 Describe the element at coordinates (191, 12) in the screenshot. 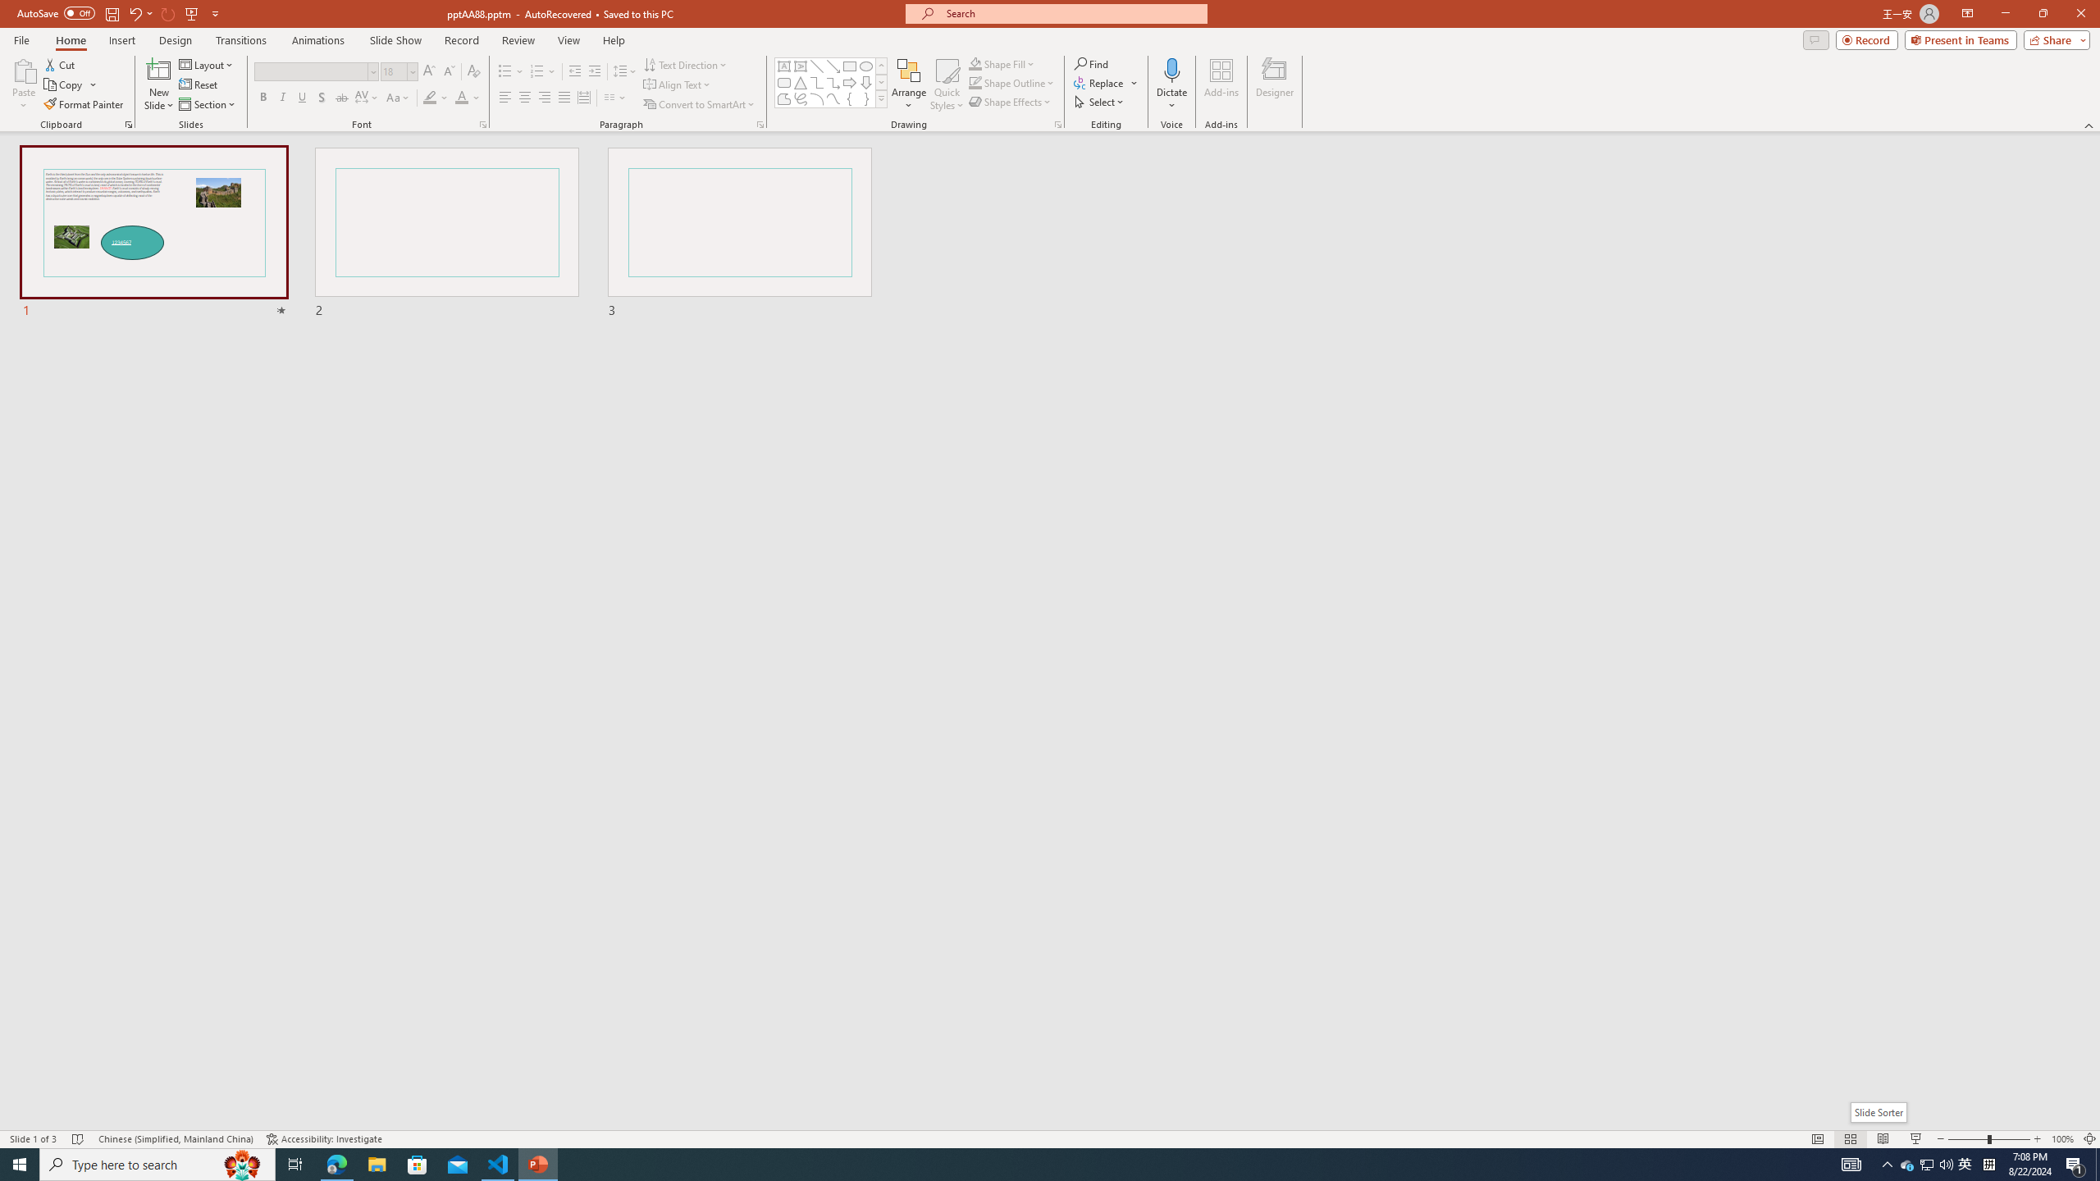

I see `'From Beginning'` at that location.